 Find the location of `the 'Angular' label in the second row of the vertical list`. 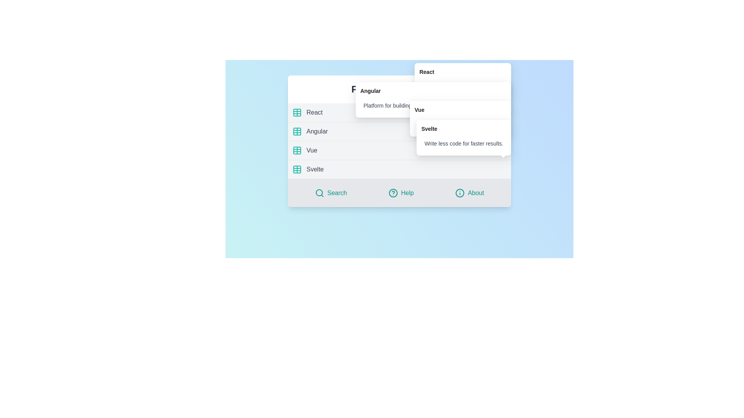

the 'Angular' label in the second row of the vertical list is located at coordinates (317, 131).